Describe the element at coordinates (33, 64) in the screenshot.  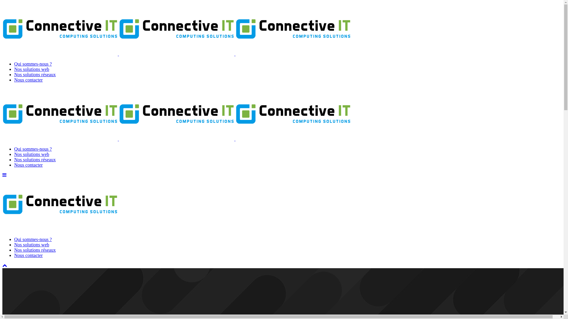
I see `'Qui sommes-nous ?'` at that location.